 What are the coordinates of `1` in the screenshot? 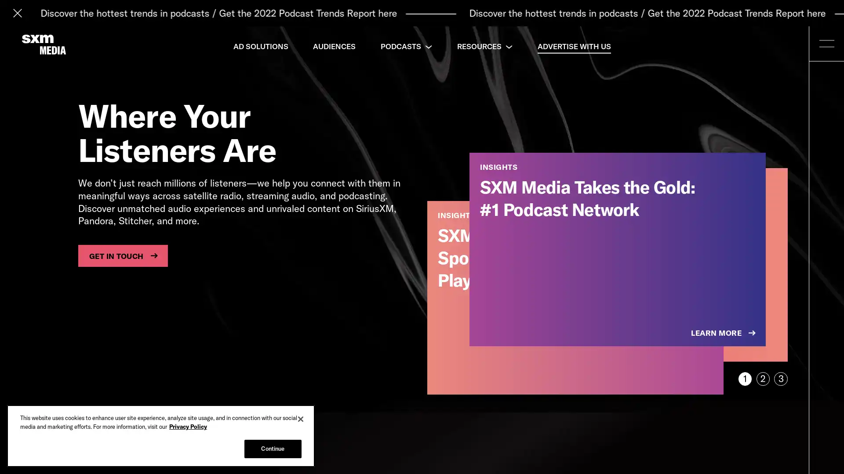 It's located at (744, 378).